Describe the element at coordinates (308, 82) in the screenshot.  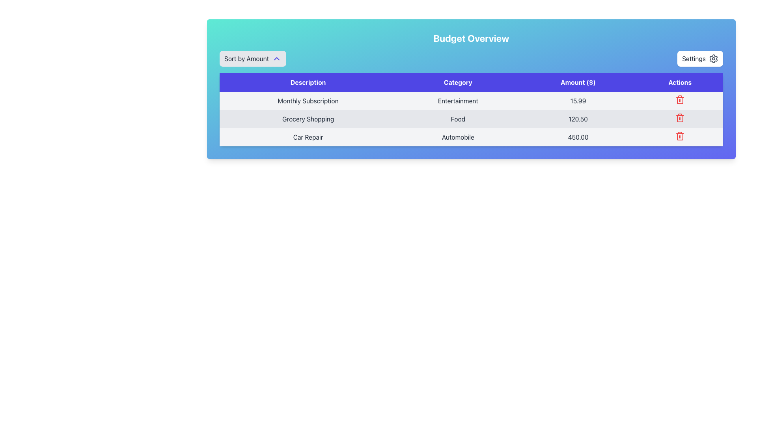
I see `the first column header in the tabular layout, positioned to the left of the 'Category' header and above the text entries` at that location.